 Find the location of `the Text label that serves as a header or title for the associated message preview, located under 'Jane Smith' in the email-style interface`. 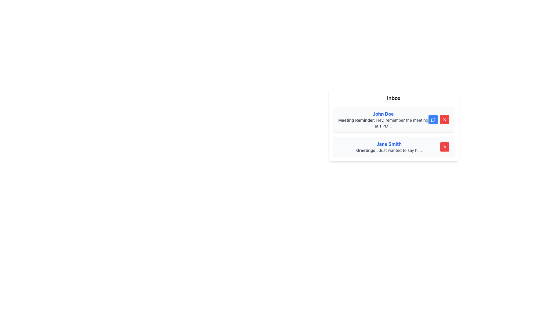

the Text label that serves as a header or title for the associated message preview, located under 'Jane Smith' in the email-style interface is located at coordinates (366, 150).